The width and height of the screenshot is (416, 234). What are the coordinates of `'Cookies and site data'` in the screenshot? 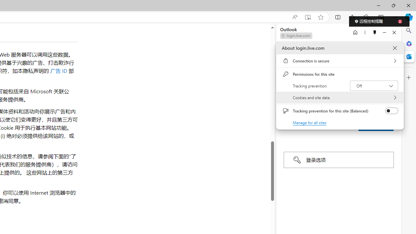 It's located at (340, 97).